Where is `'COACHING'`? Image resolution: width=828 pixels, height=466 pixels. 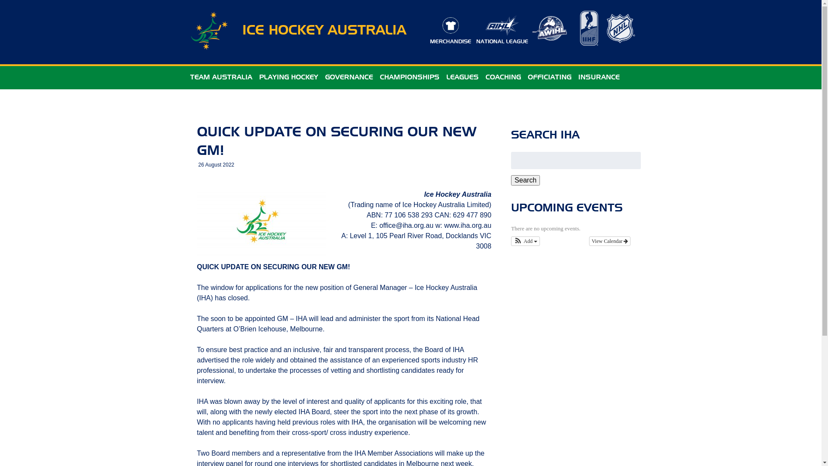 'COACHING' is located at coordinates (503, 78).